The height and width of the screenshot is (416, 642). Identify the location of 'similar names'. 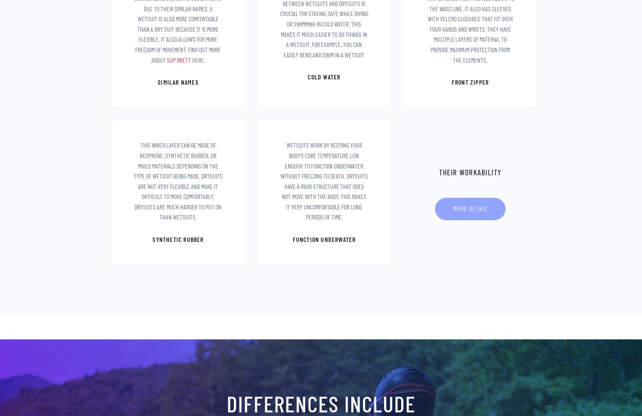
(177, 81).